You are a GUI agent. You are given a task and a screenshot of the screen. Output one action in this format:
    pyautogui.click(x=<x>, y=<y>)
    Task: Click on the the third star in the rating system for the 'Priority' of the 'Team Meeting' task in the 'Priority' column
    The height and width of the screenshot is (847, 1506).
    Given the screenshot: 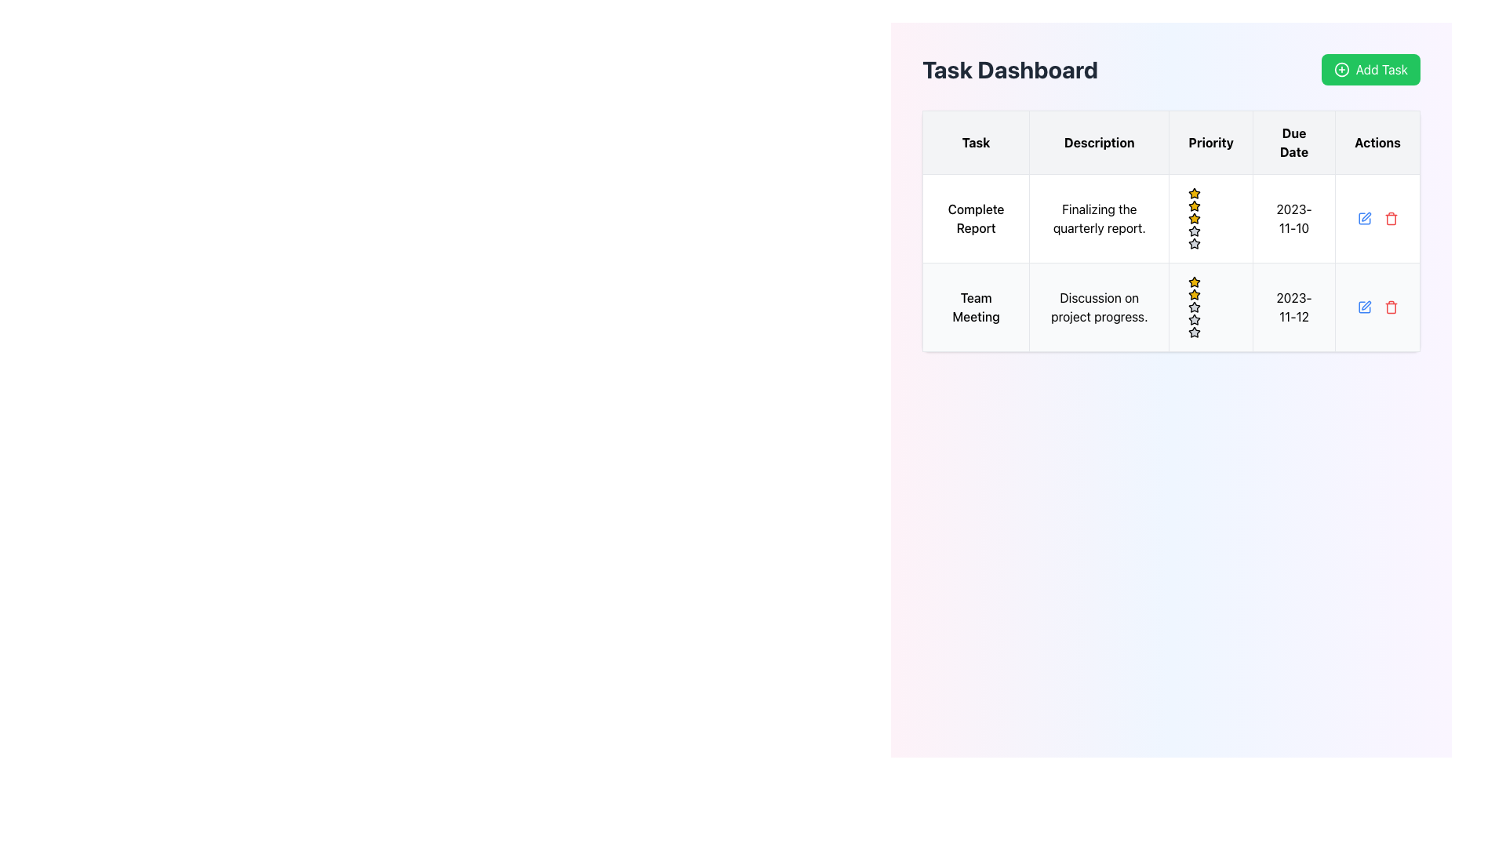 What is the action you would take?
    pyautogui.click(x=1194, y=318)
    